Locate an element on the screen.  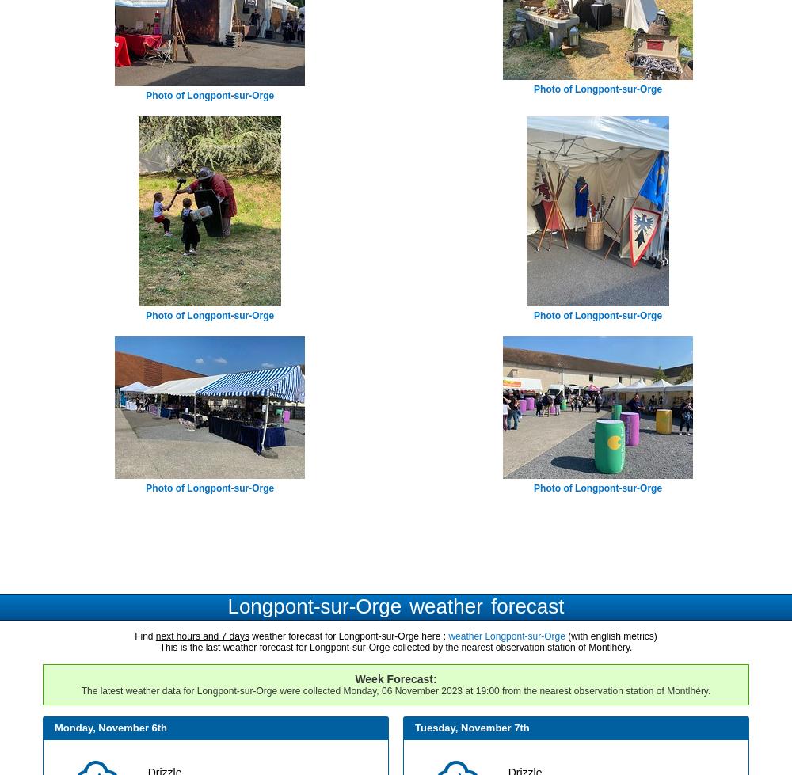
'next hours and 7 days' is located at coordinates (202, 634).